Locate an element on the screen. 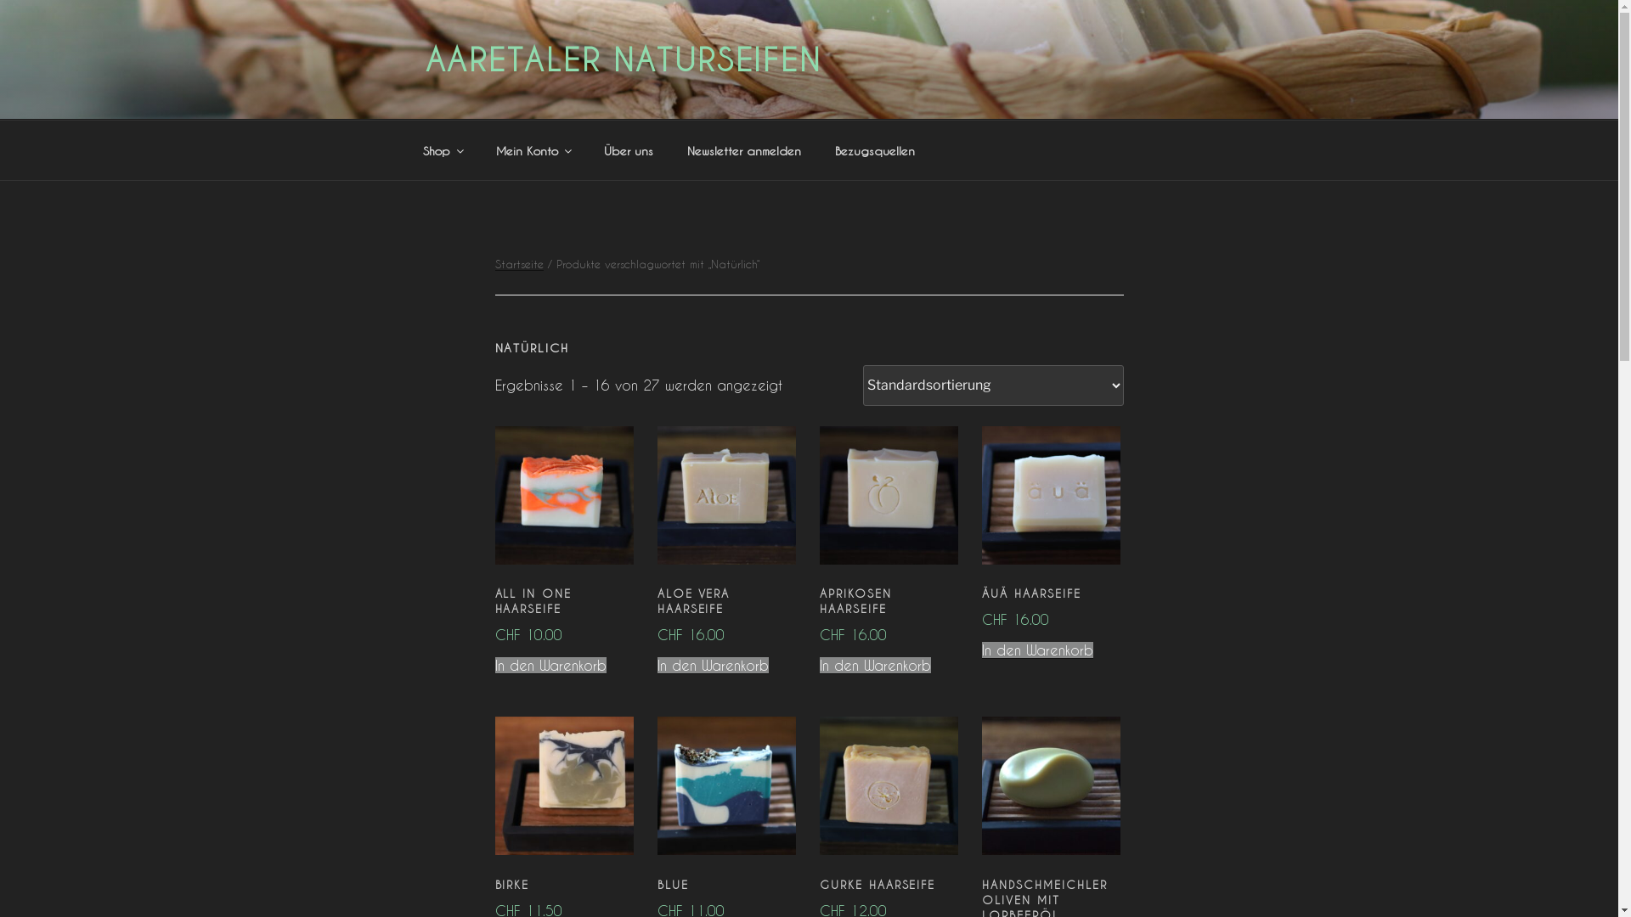  'ALL IN ONE HAARSEIFE is located at coordinates (563, 612).